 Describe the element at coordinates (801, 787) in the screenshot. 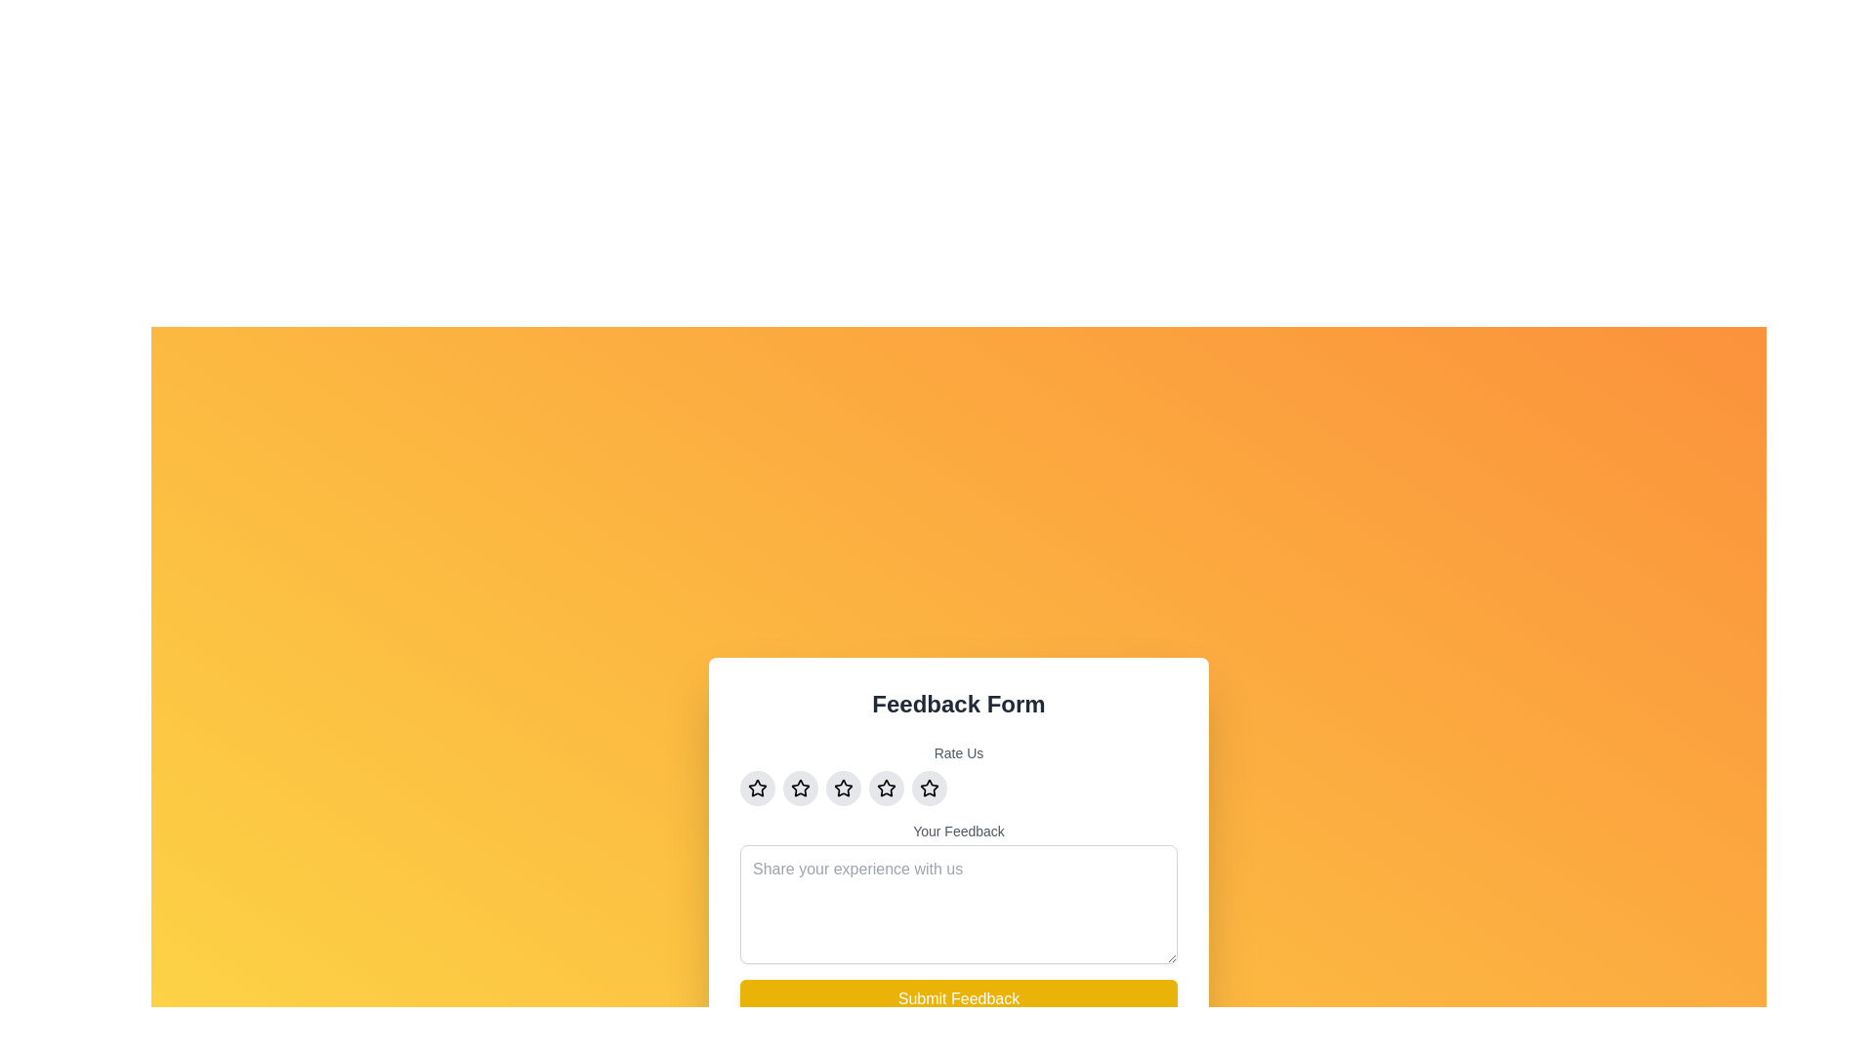

I see `the second star icon in the star-based rating system under the 'Rate Us' label` at that location.